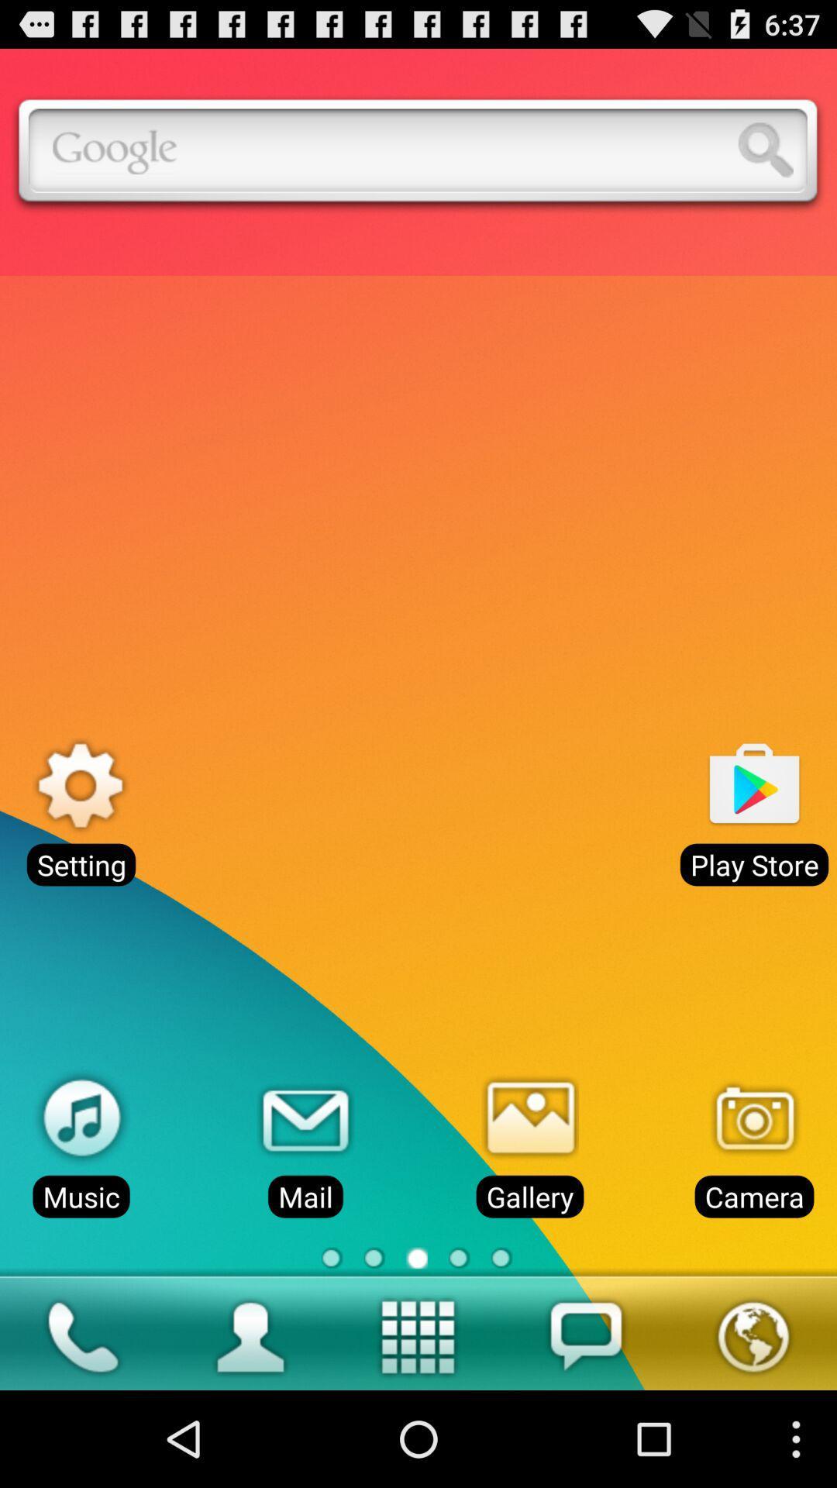 The image size is (837, 1488). I want to click on the globe icon, so click(753, 1429).